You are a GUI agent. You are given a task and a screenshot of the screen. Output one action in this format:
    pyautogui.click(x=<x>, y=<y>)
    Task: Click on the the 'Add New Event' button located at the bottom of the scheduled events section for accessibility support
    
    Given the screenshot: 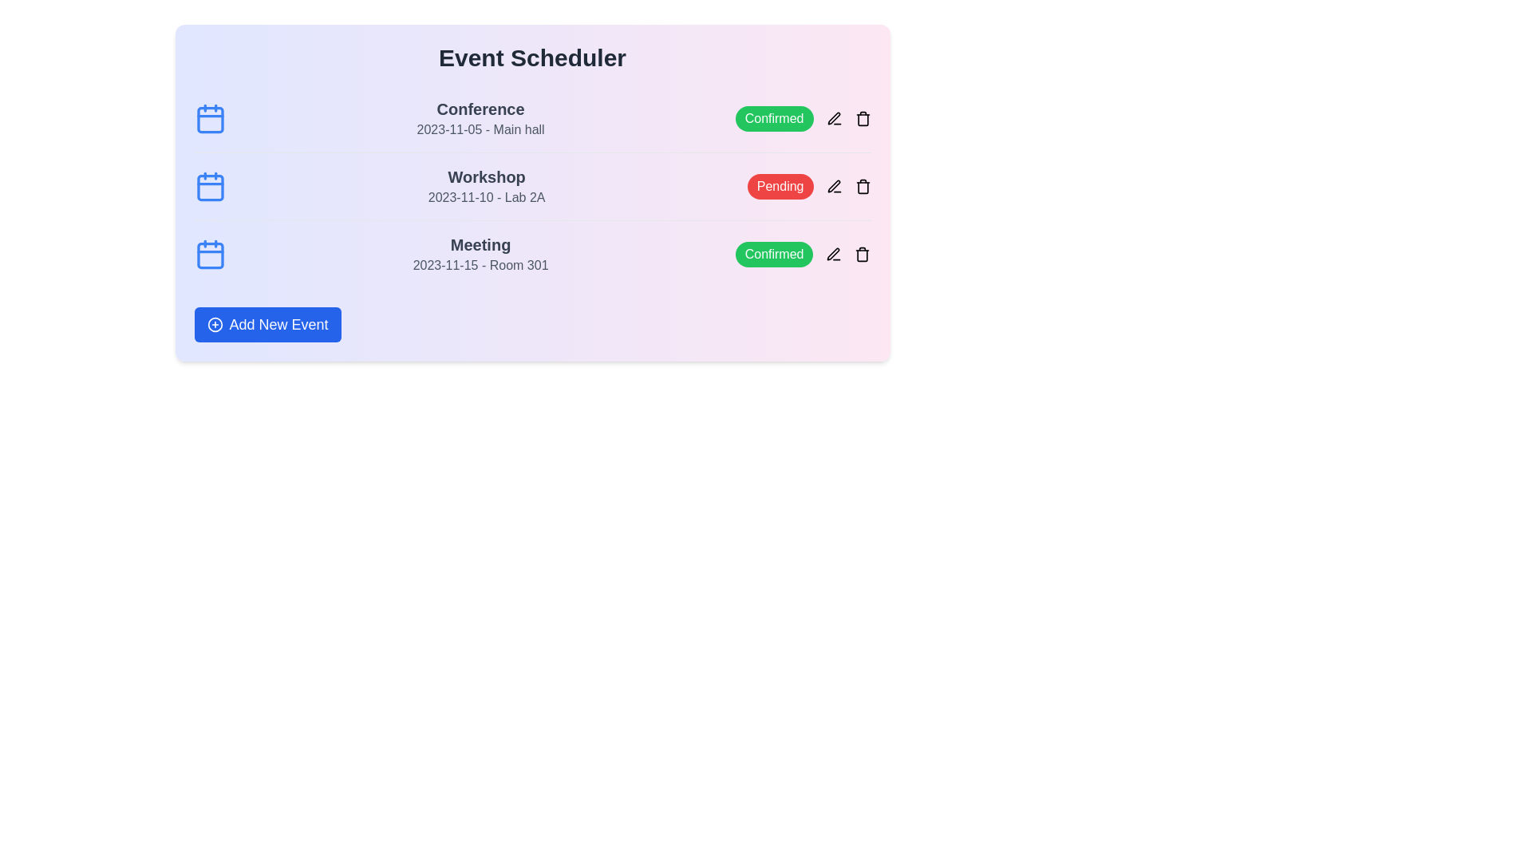 What is the action you would take?
    pyautogui.click(x=267, y=324)
    